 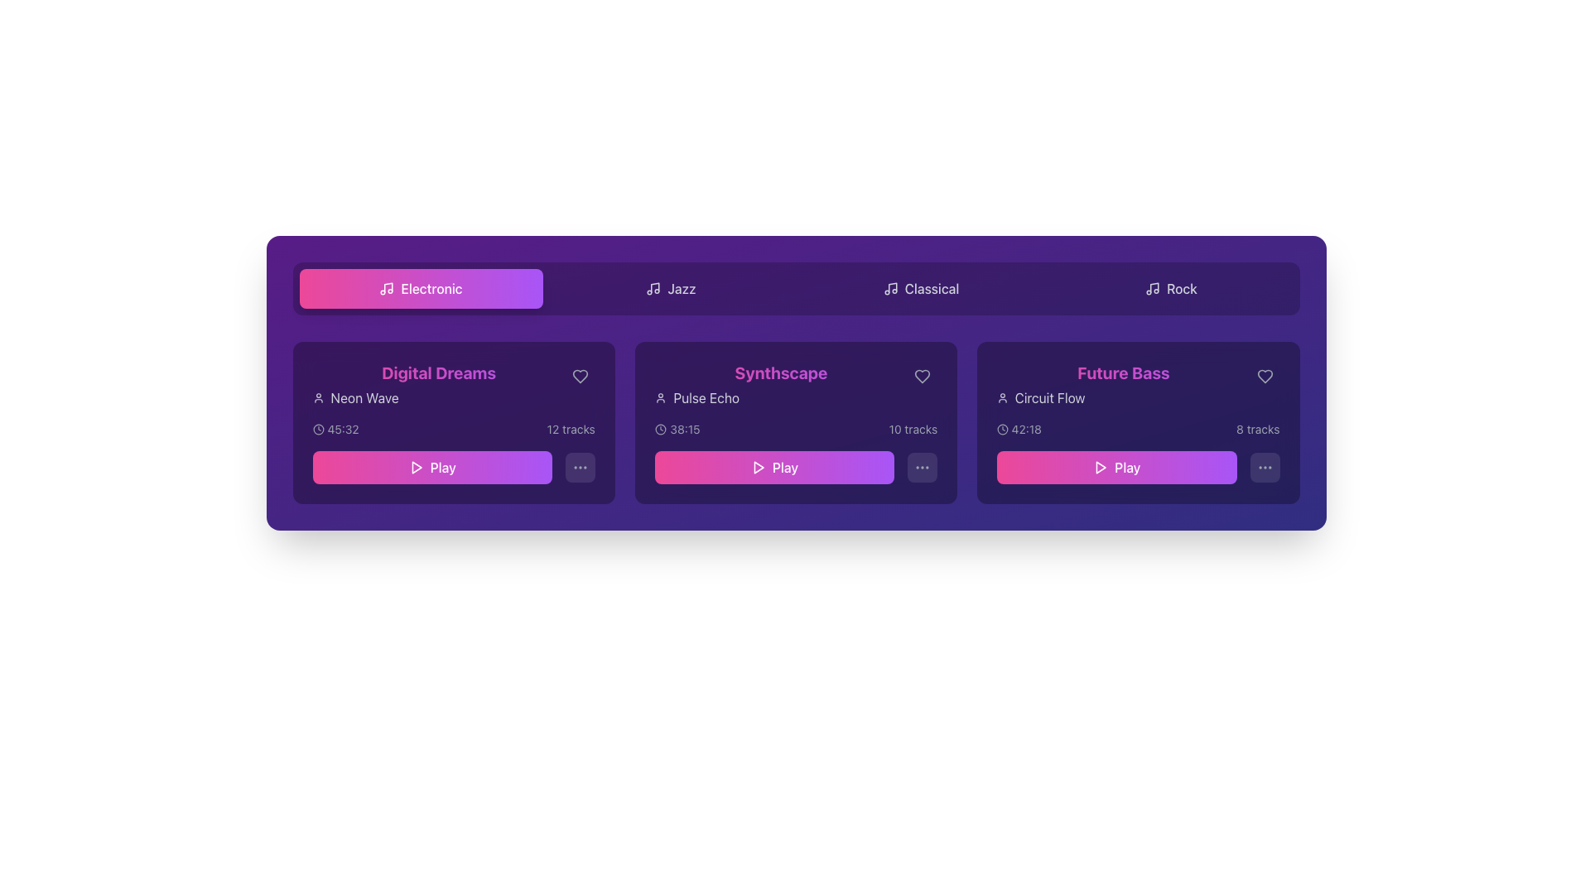 I want to click on the 'Synthscape' text display component, which features a bold gradient text on a dark purple card background in the upper section of the middle card, so click(x=780, y=385).